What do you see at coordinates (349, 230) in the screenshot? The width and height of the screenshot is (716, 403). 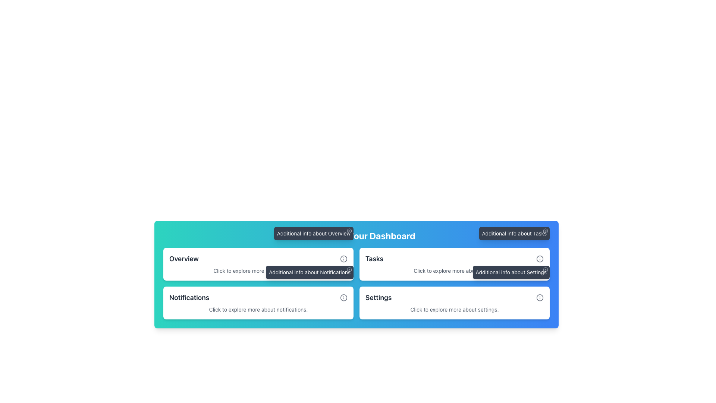 I see `the circular gray button with a cross inside, located in the top-right corner of the tooltip displaying 'Additional info about Overview'` at bounding box center [349, 230].